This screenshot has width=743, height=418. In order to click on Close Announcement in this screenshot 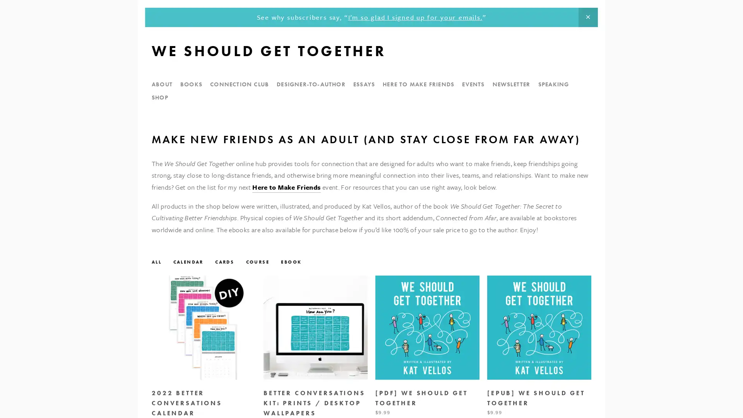, I will do `click(588, 17)`.